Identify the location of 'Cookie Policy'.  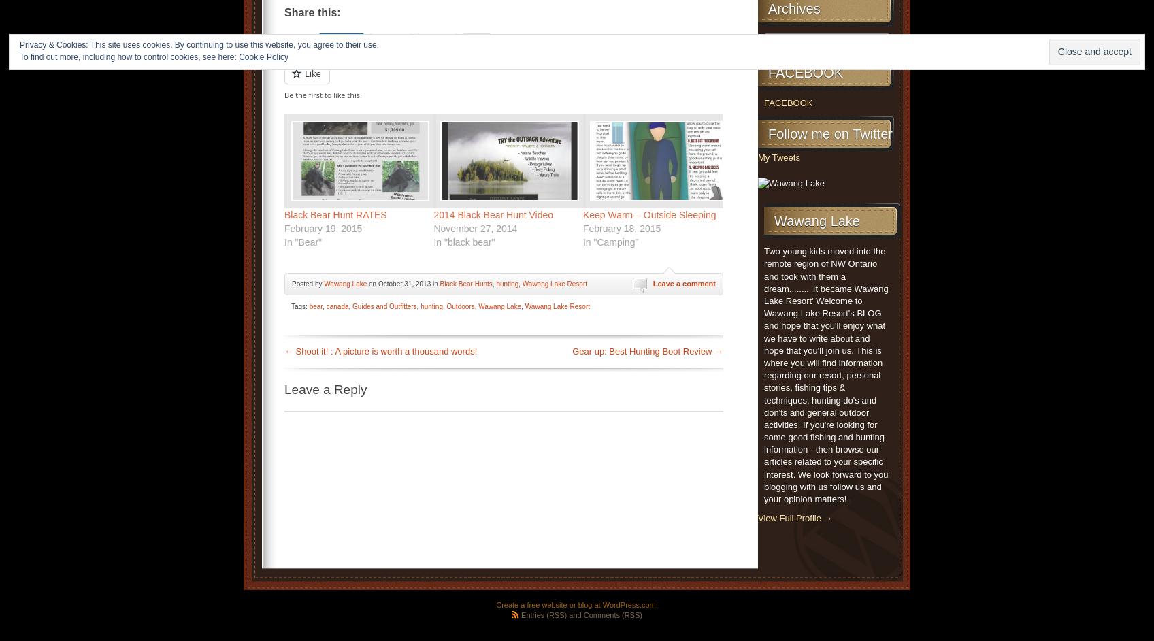
(263, 56).